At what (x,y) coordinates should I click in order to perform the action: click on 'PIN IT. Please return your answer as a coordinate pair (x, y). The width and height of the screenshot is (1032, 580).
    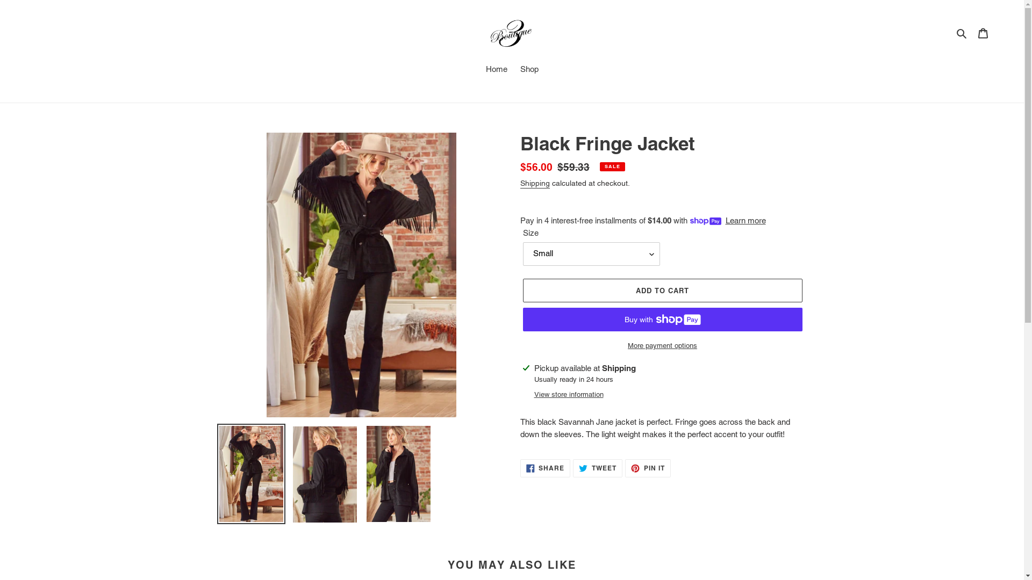
    Looking at the image, I should click on (647, 467).